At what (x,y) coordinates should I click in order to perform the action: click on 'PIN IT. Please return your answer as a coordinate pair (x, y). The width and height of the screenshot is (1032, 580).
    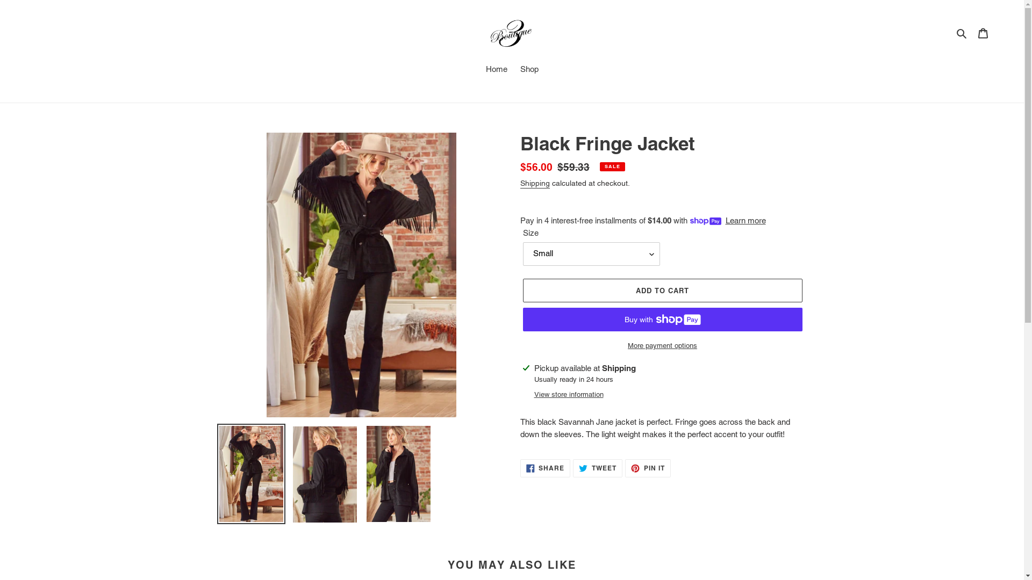
    Looking at the image, I should click on (647, 467).